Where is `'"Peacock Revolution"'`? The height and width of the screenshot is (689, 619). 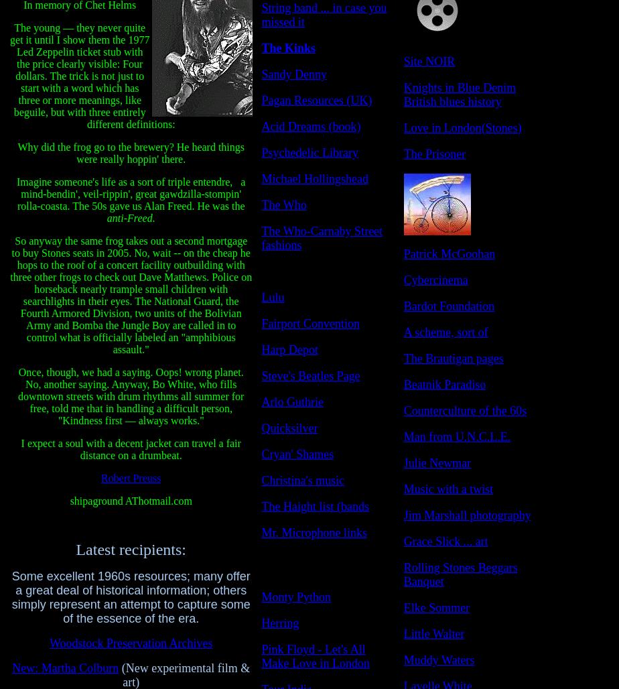
'"Peacock Revolution"' is located at coordinates (314, 271).